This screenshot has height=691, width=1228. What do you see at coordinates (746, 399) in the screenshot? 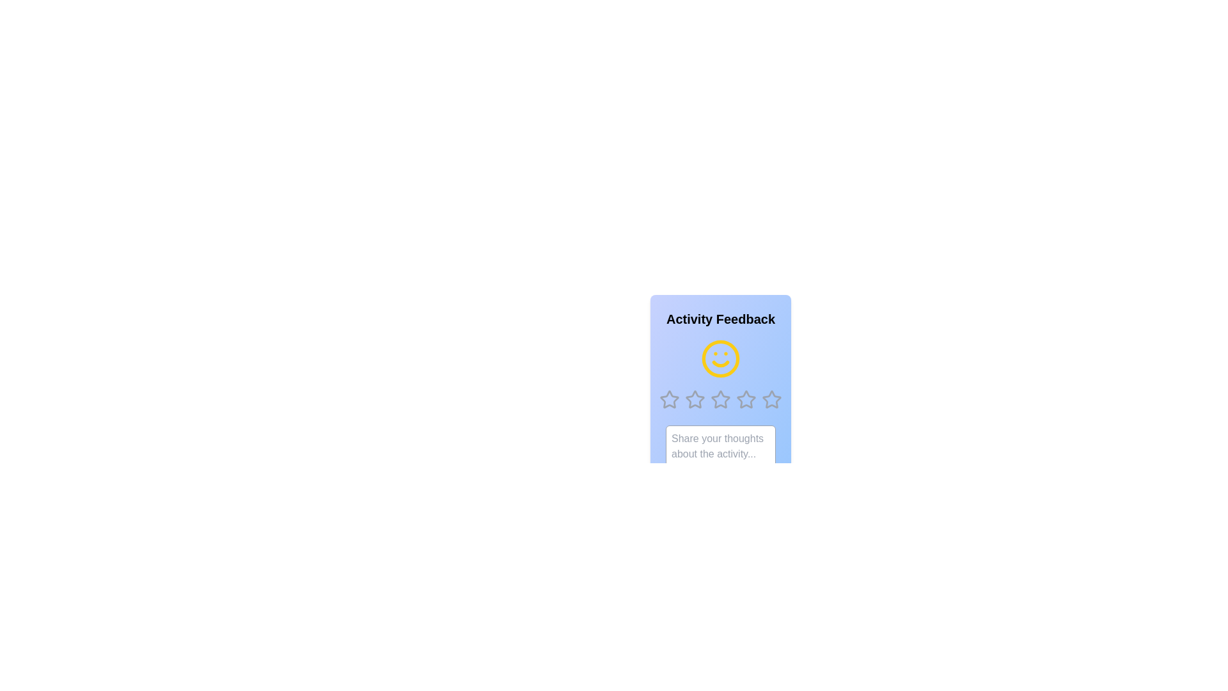
I see `the fourth star in the five-star rating system` at bounding box center [746, 399].